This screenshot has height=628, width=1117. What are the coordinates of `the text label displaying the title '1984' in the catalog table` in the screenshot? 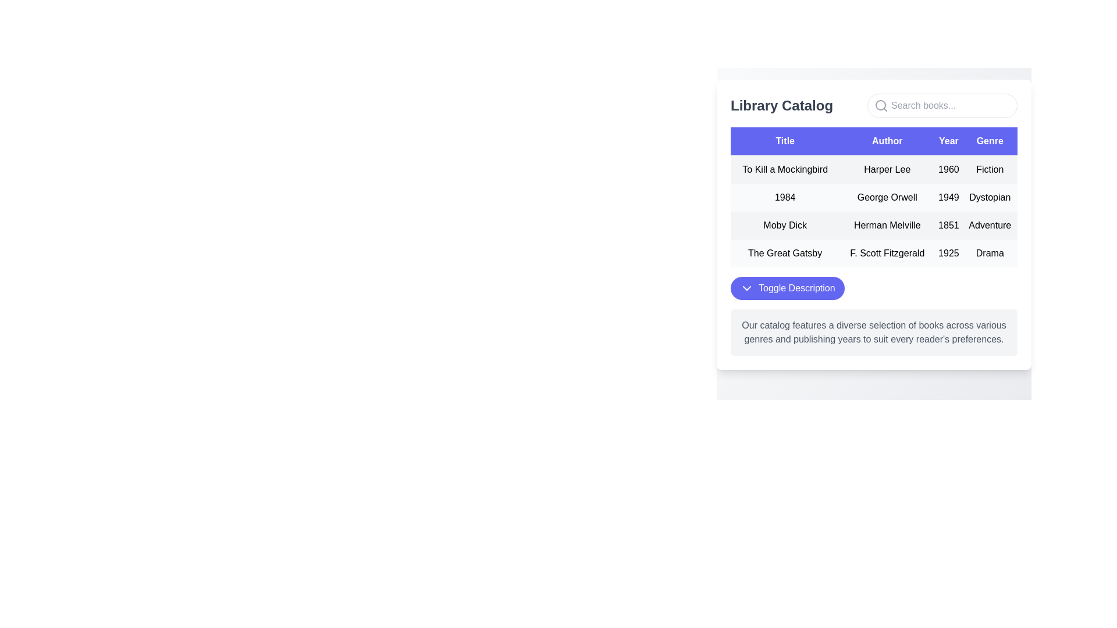 It's located at (785, 197).